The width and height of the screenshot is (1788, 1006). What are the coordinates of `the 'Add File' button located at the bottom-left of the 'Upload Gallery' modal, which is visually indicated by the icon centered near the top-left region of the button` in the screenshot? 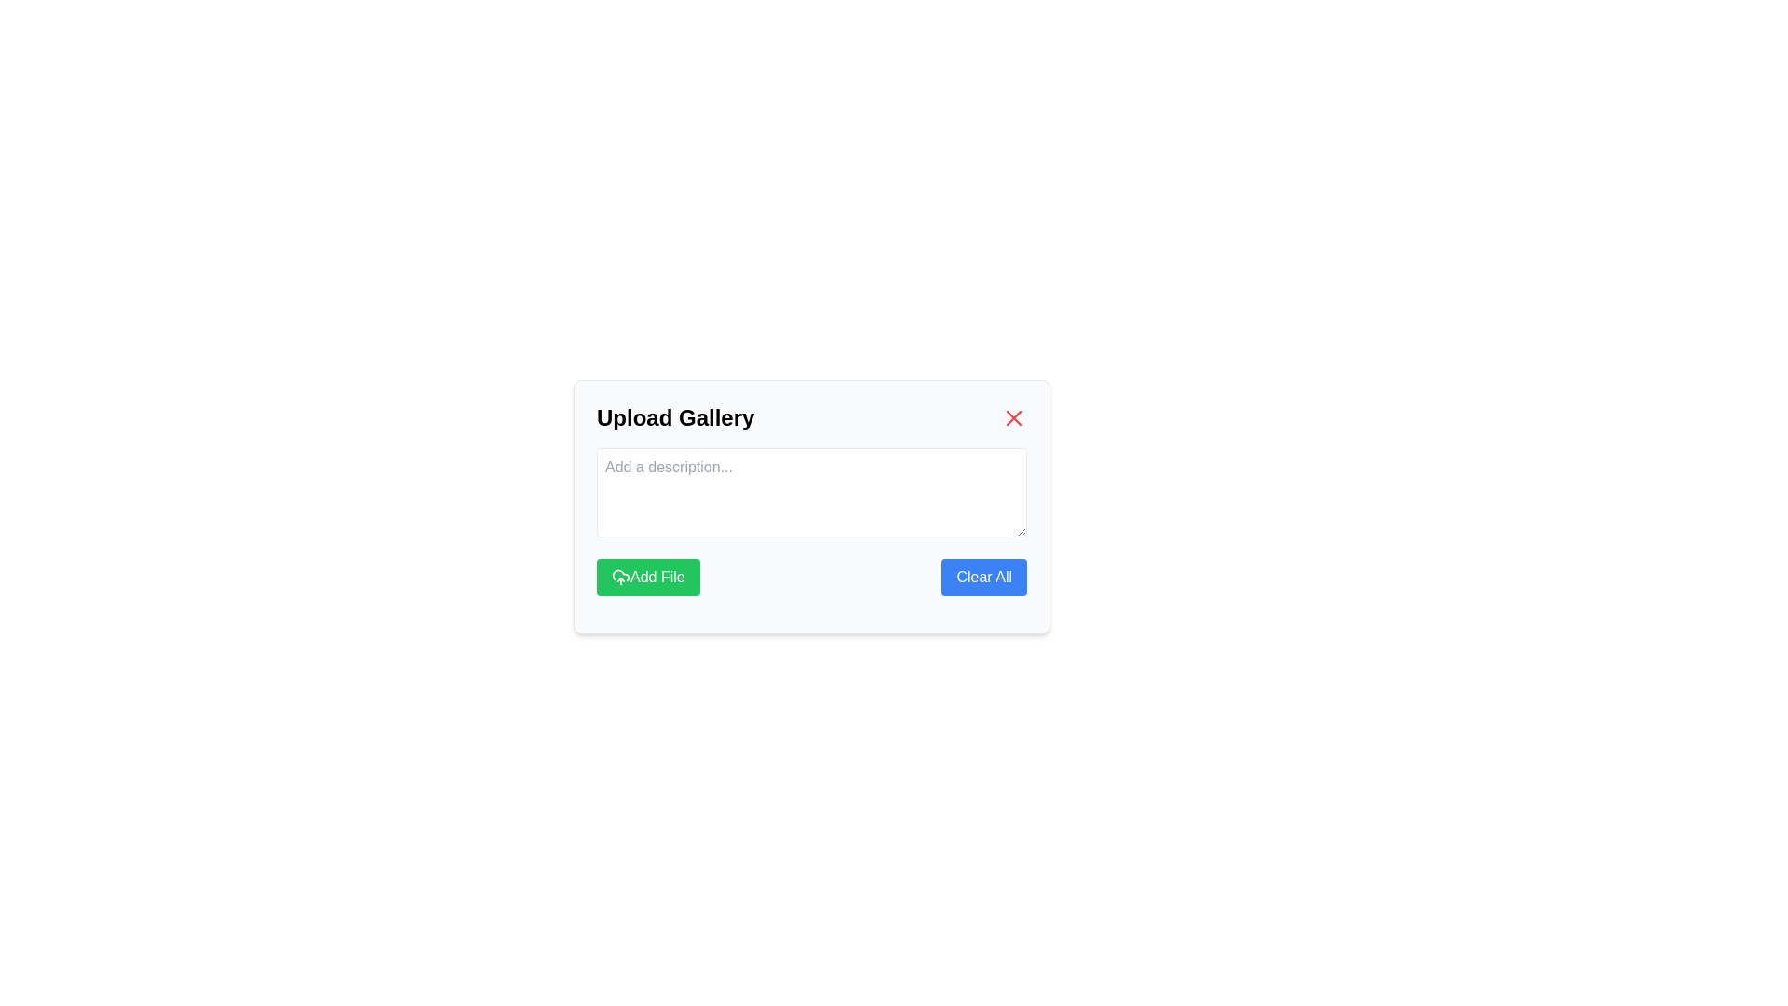 It's located at (621, 577).